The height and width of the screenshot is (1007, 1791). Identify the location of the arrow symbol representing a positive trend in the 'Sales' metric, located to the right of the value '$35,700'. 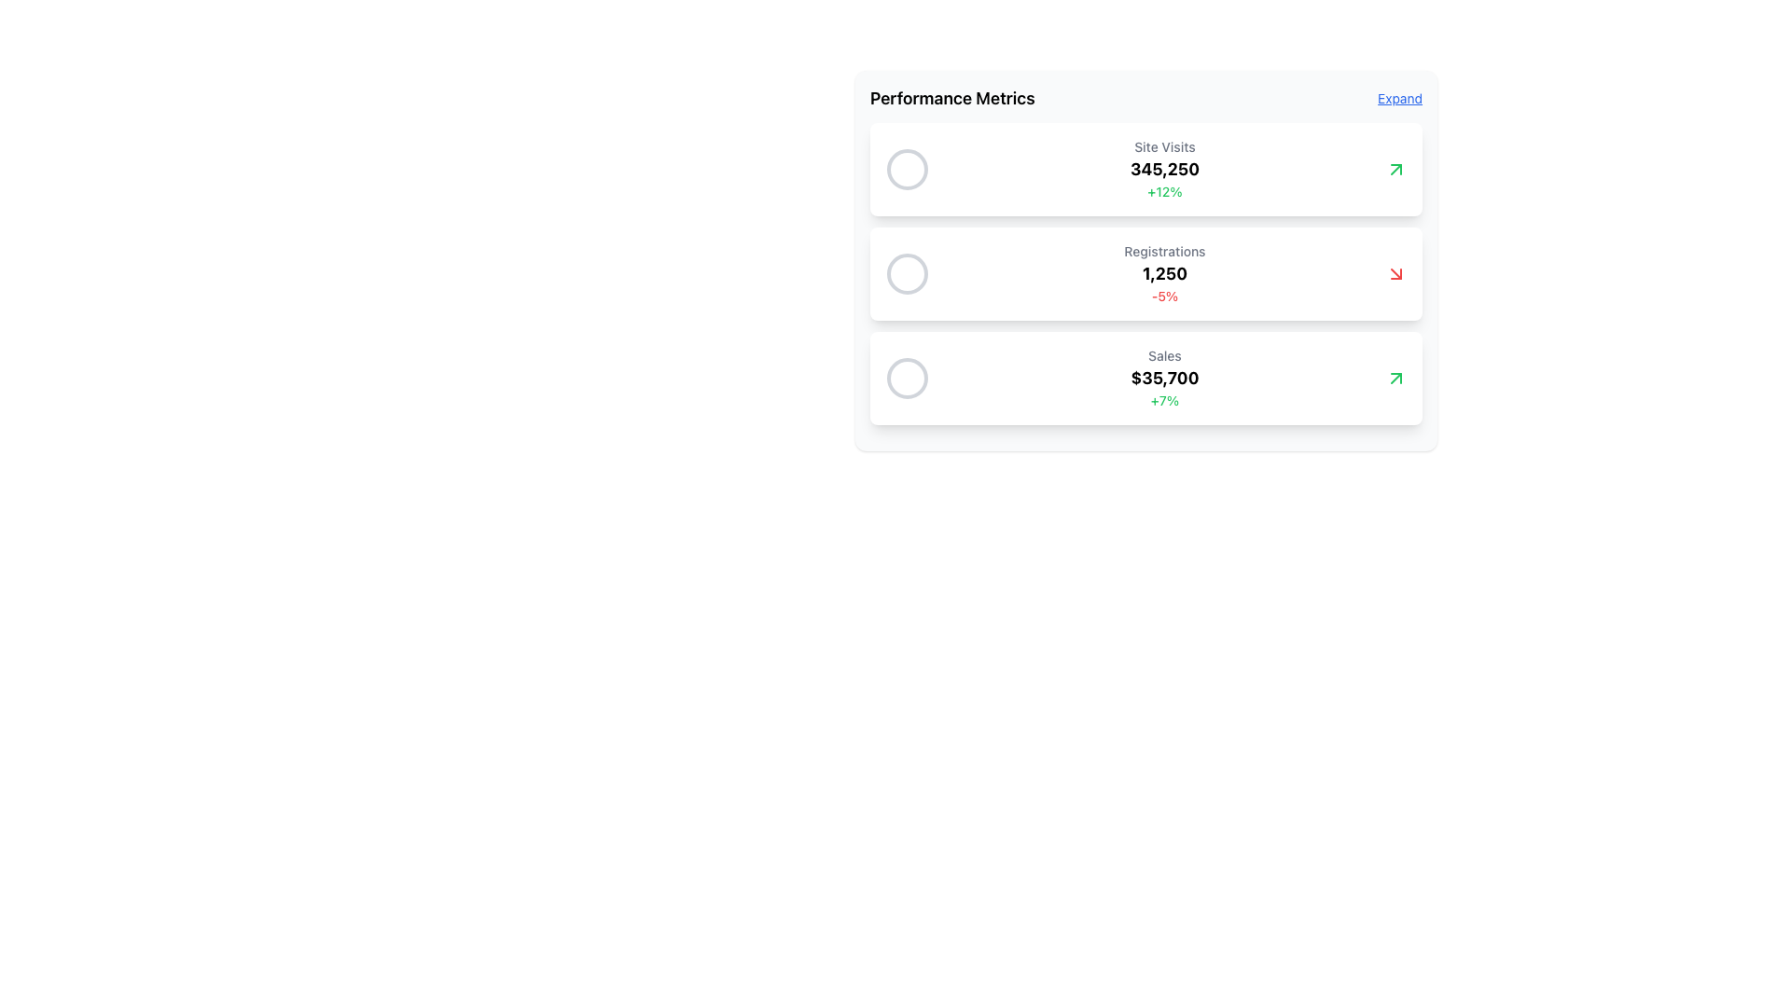
(1396, 169).